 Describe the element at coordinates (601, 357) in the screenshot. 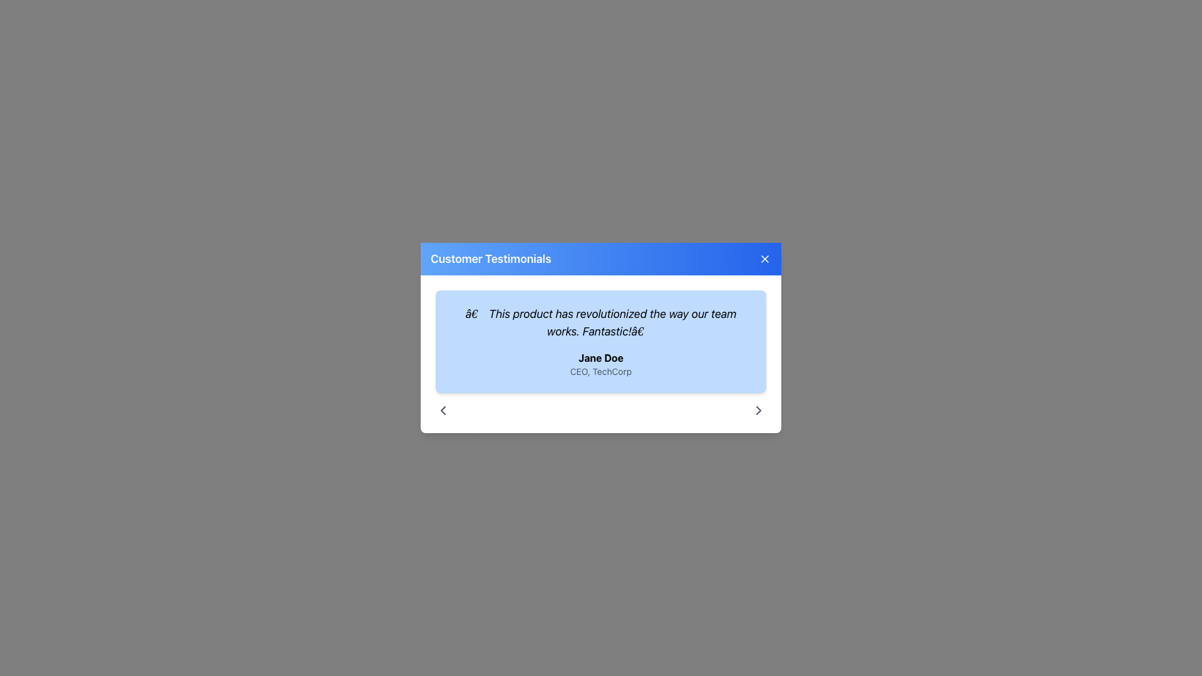

I see `the text element displaying the name of the individual providing the testimonial, which is positioned above the smaller and lighter styled 'CEO, TechCorp' text` at that location.